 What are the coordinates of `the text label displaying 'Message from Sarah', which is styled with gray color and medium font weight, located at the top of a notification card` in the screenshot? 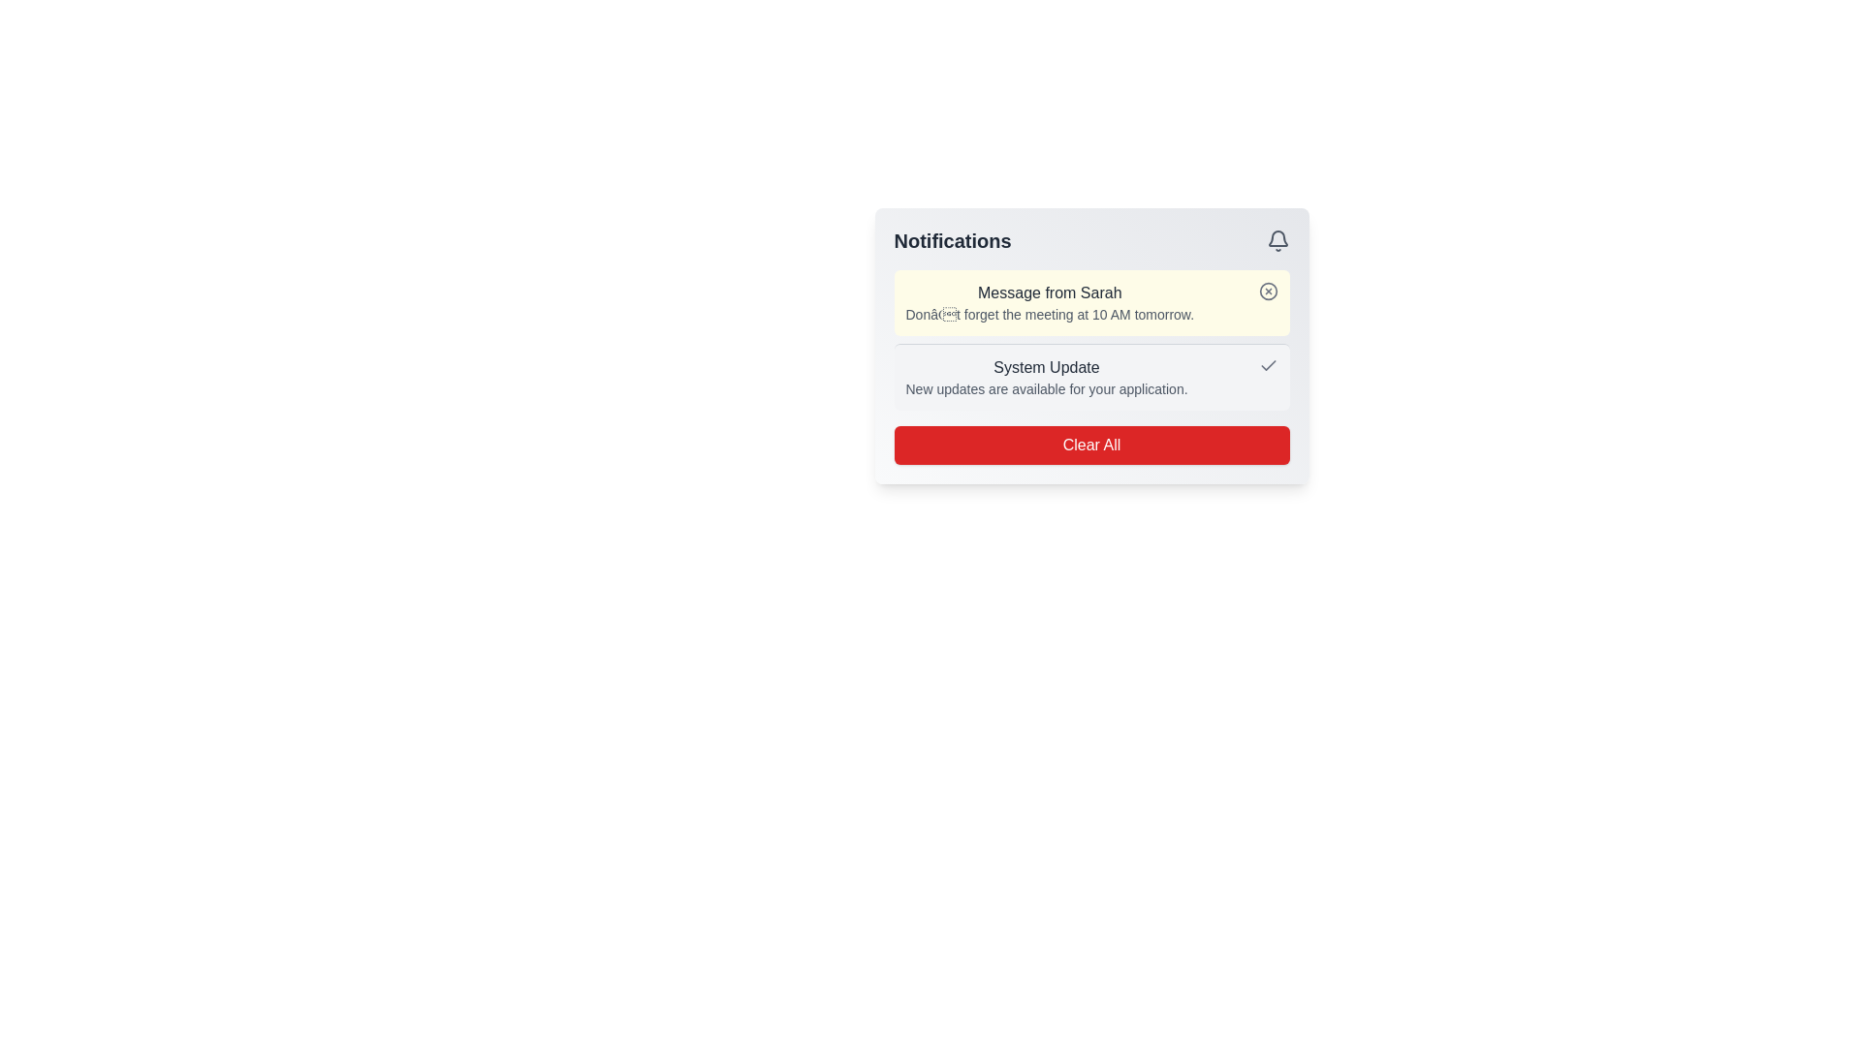 It's located at (1049, 293).